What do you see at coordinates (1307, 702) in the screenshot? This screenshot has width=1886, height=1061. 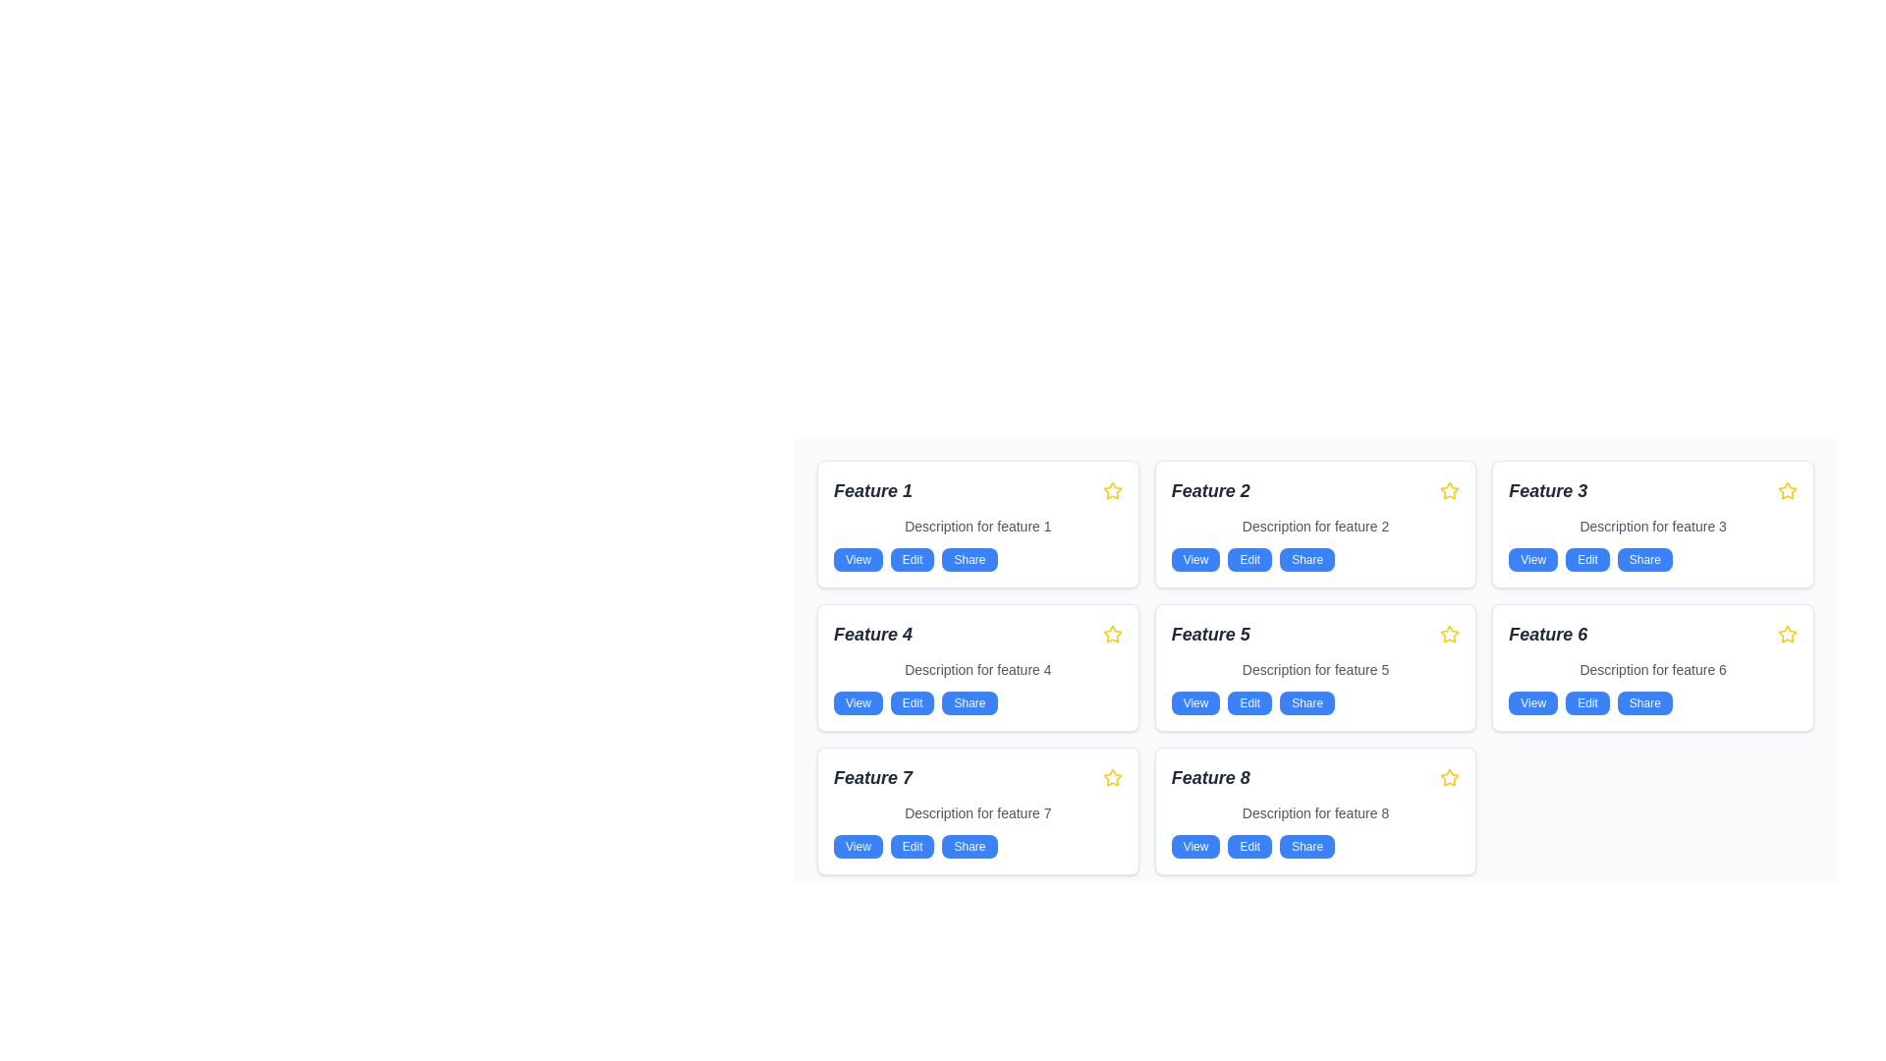 I see `the 'Share' button, which is a blue button with white text` at bounding box center [1307, 702].